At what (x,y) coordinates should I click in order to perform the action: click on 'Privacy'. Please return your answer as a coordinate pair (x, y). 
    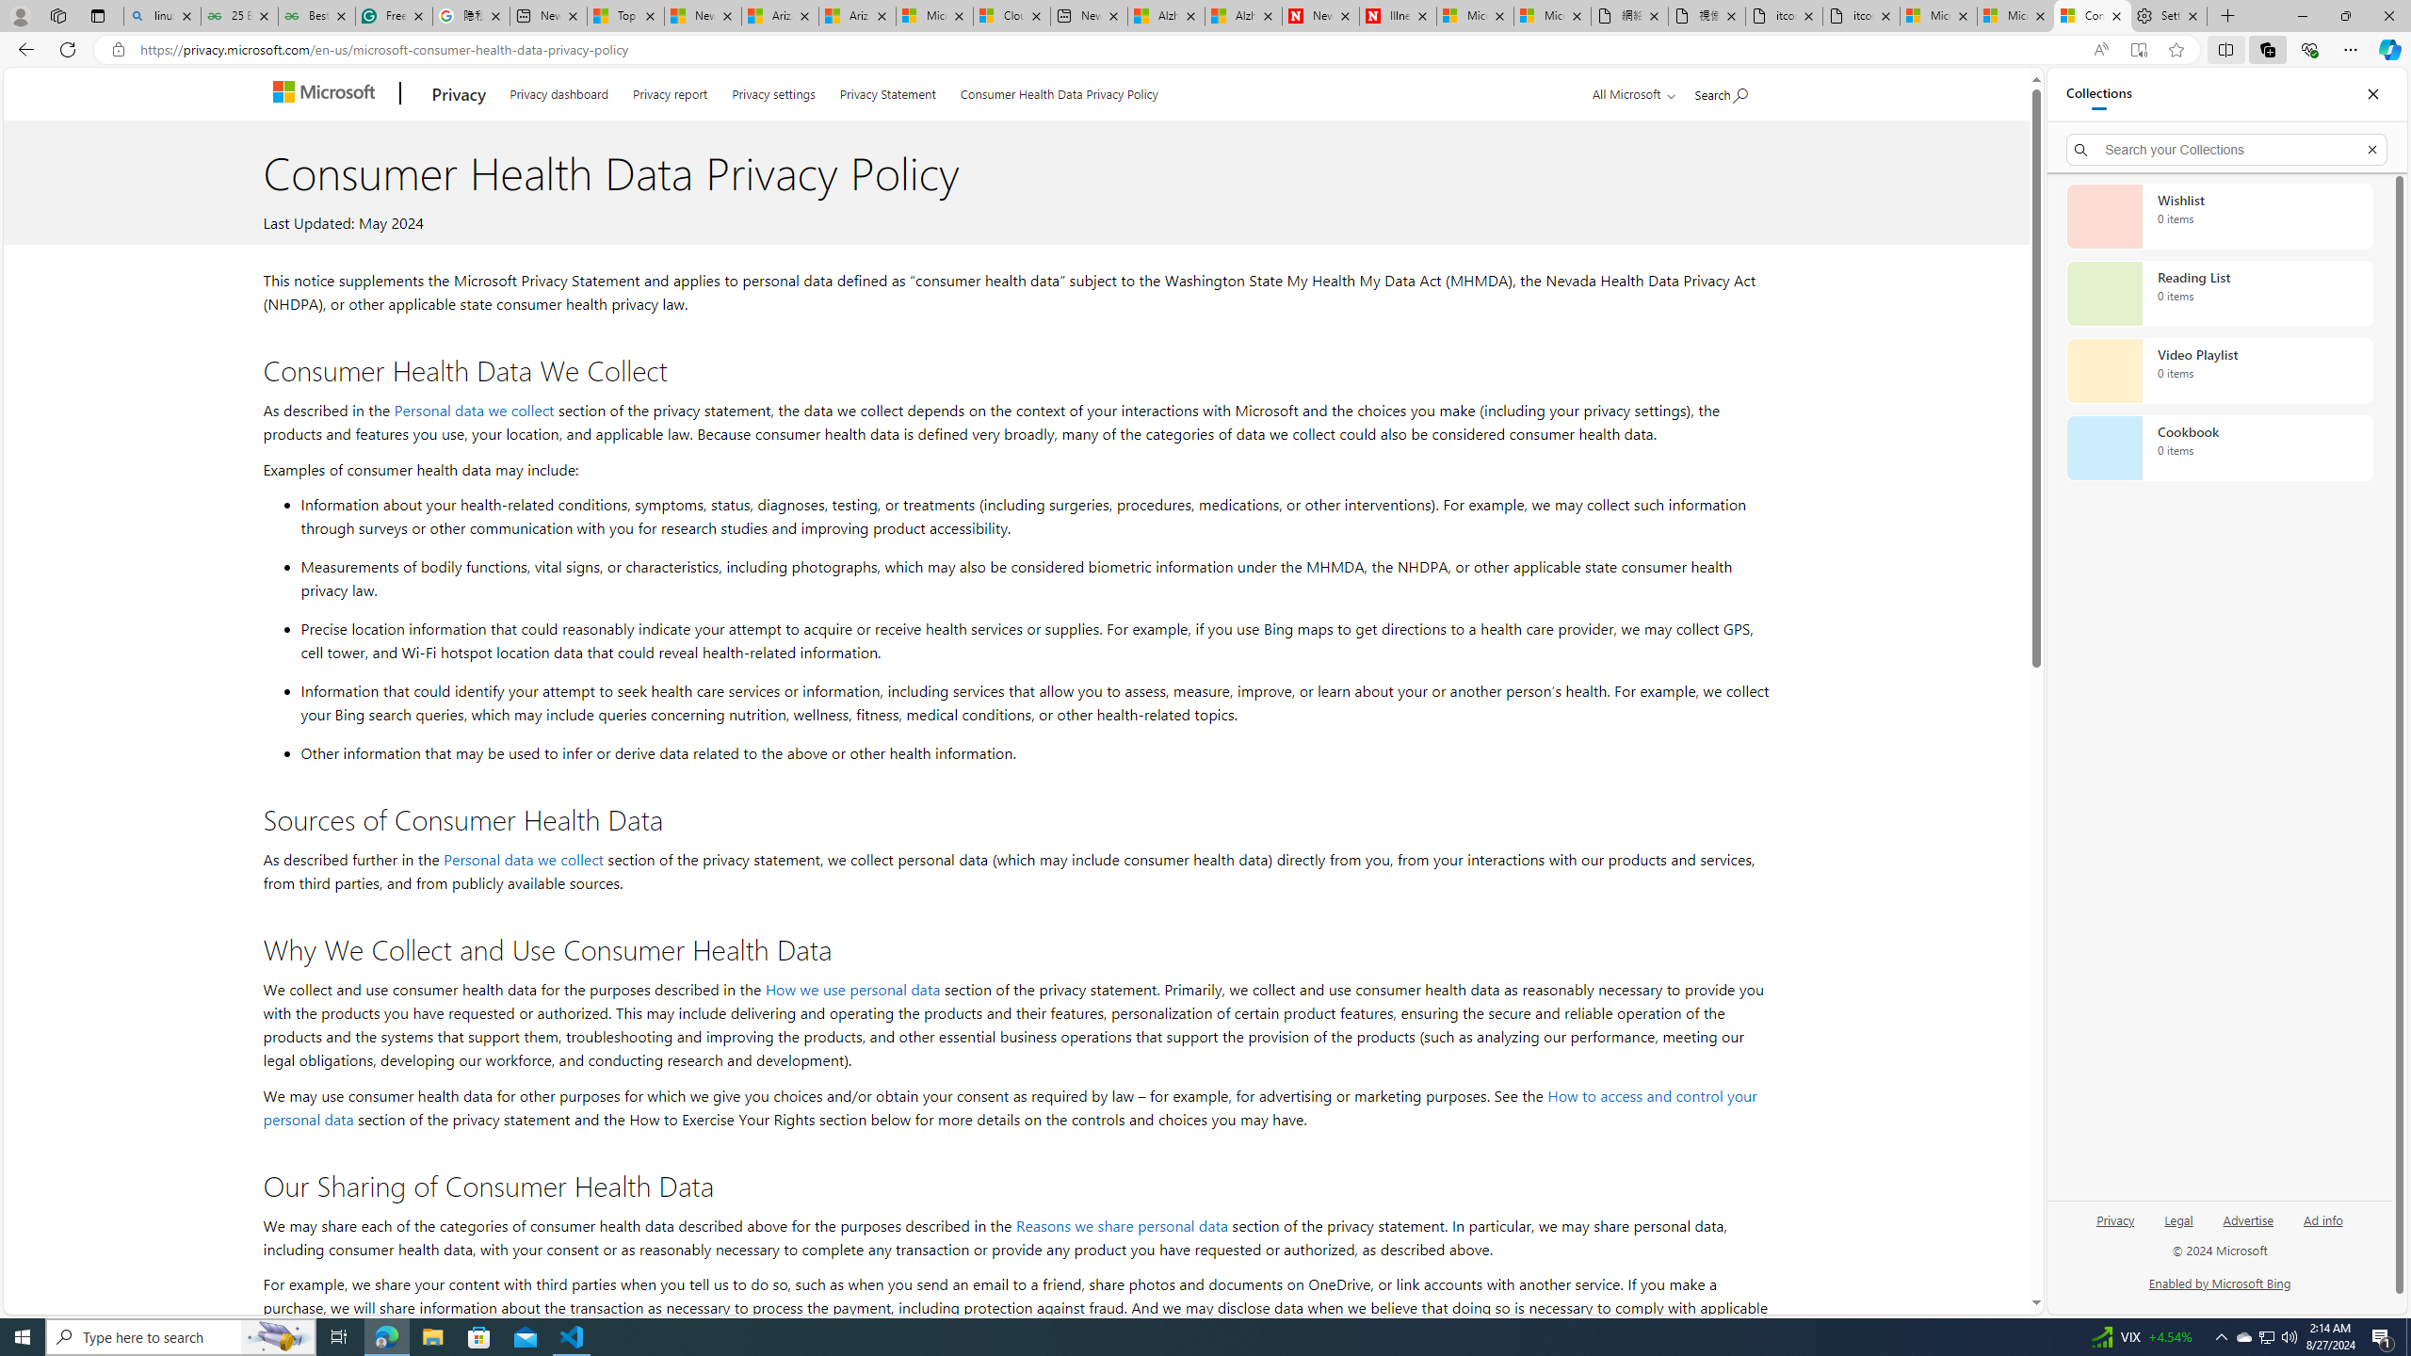
    Looking at the image, I should click on (2115, 1226).